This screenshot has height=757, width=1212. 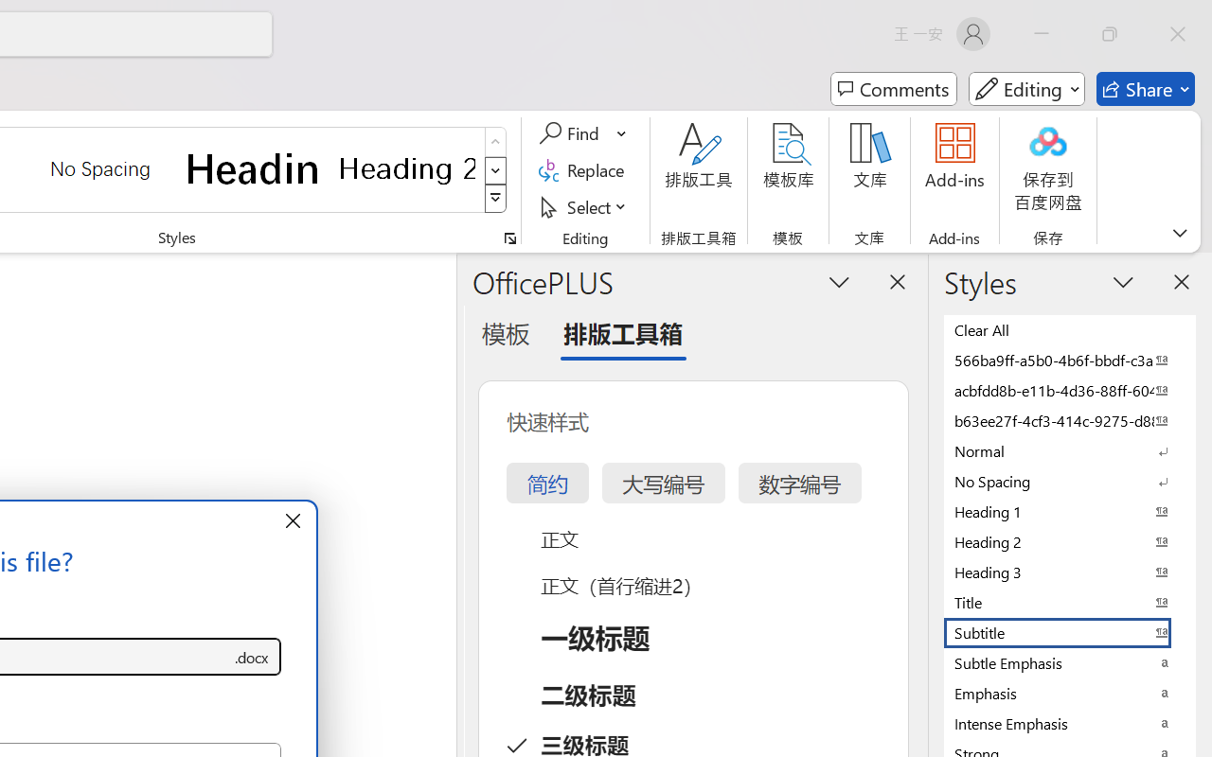 What do you see at coordinates (496, 199) in the screenshot?
I see `'Class: NetUIImage'` at bounding box center [496, 199].